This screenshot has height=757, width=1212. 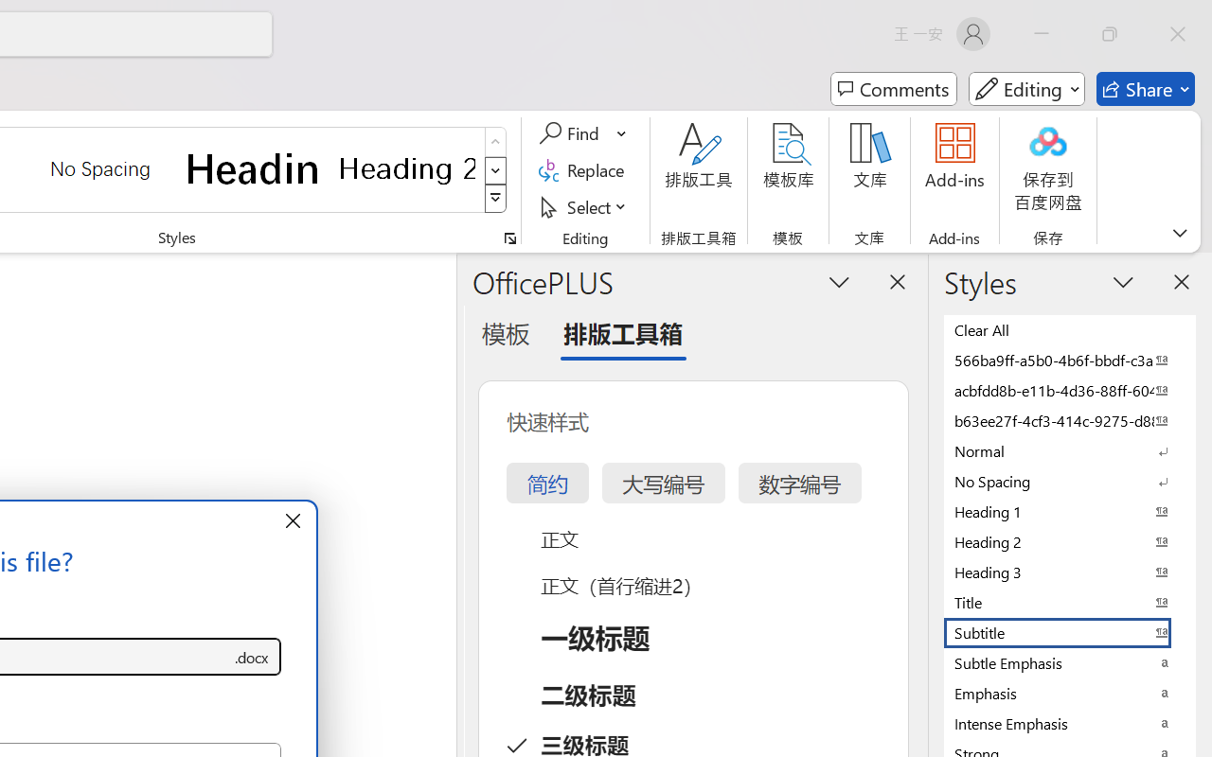 What do you see at coordinates (496, 199) in the screenshot?
I see `'Class: NetUIImage'` at bounding box center [496, 199].